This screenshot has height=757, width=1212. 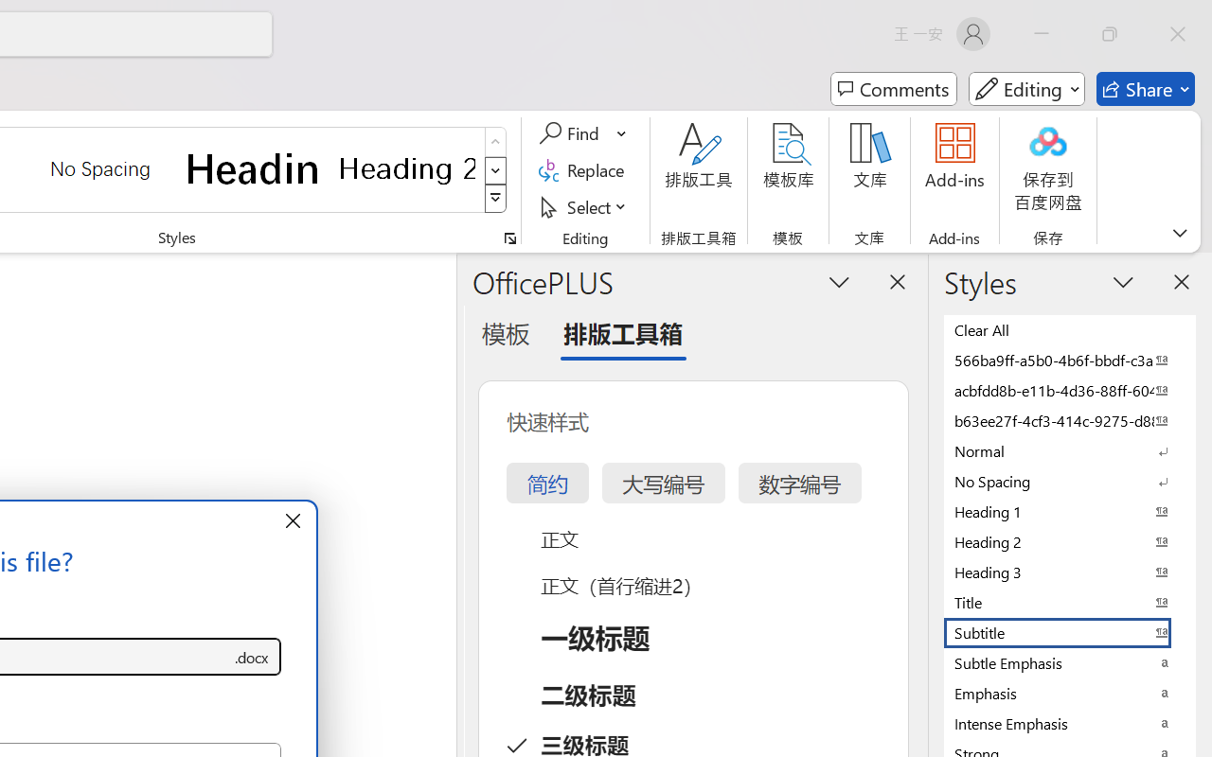 What do you see at coordinates (496, 199) in the screenshot?
I see `'Class: NetUIImage'` at bounding box center [496, 199].